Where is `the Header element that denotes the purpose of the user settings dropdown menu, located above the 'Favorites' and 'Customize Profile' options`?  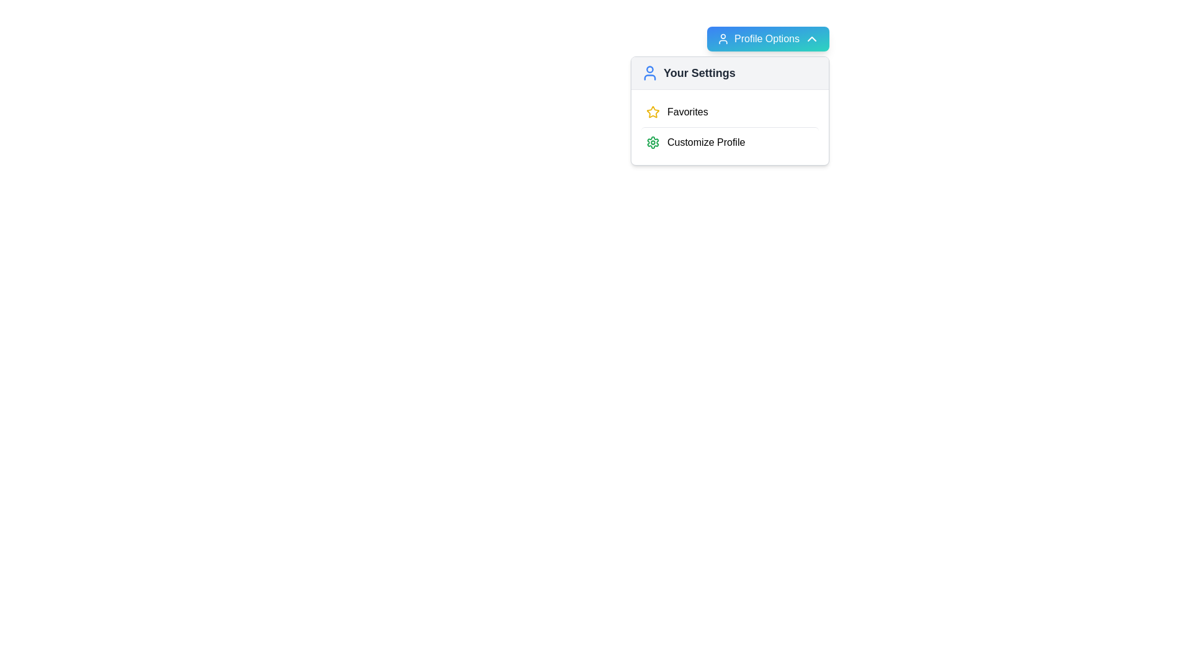 the Header element that denotes the purpose of the user settings dropdown menu, located above the 'Favorites' and 'Customize Profile' options is located at coordinates (730, 73).